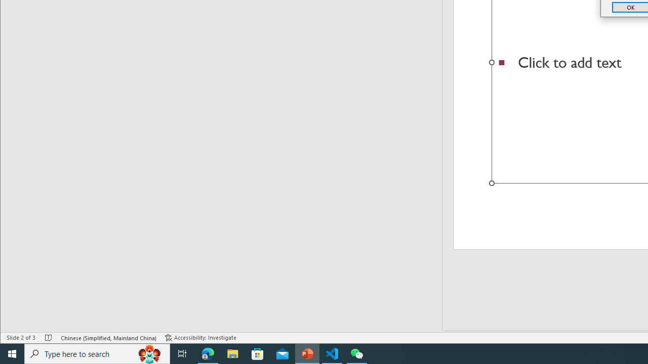 The height and width of the screenshot is (364, 648). What do you see at coordinates (357, 353) in the screenshot?
I see `'WeChat - 1 running window'` at bounding box center [357, 353].